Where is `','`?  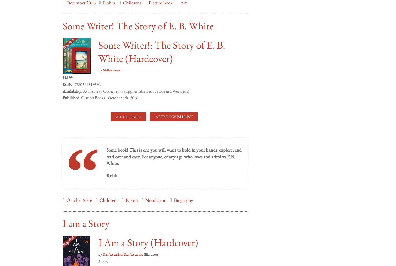
',' is located at coordinates (122, 249).